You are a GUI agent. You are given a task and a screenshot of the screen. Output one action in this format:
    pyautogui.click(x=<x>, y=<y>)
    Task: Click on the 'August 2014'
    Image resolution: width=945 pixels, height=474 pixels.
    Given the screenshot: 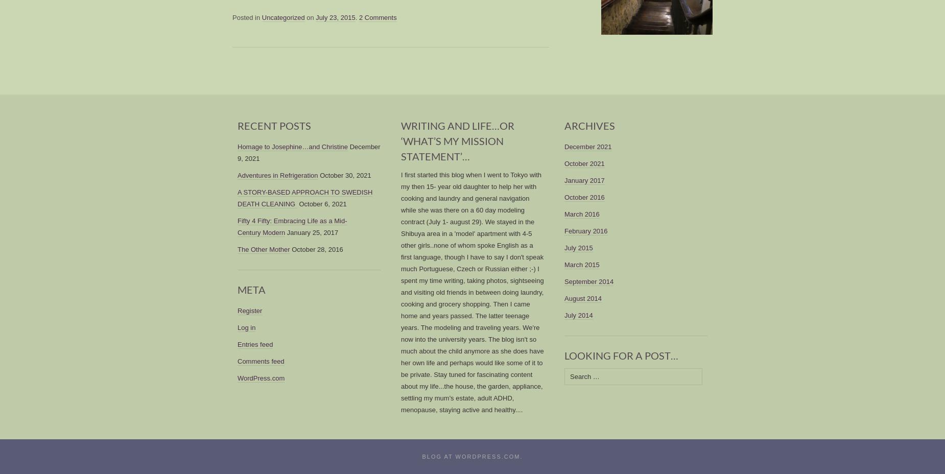 What is the action you would take?
    pyautogui.click(x=582, y=298)
    